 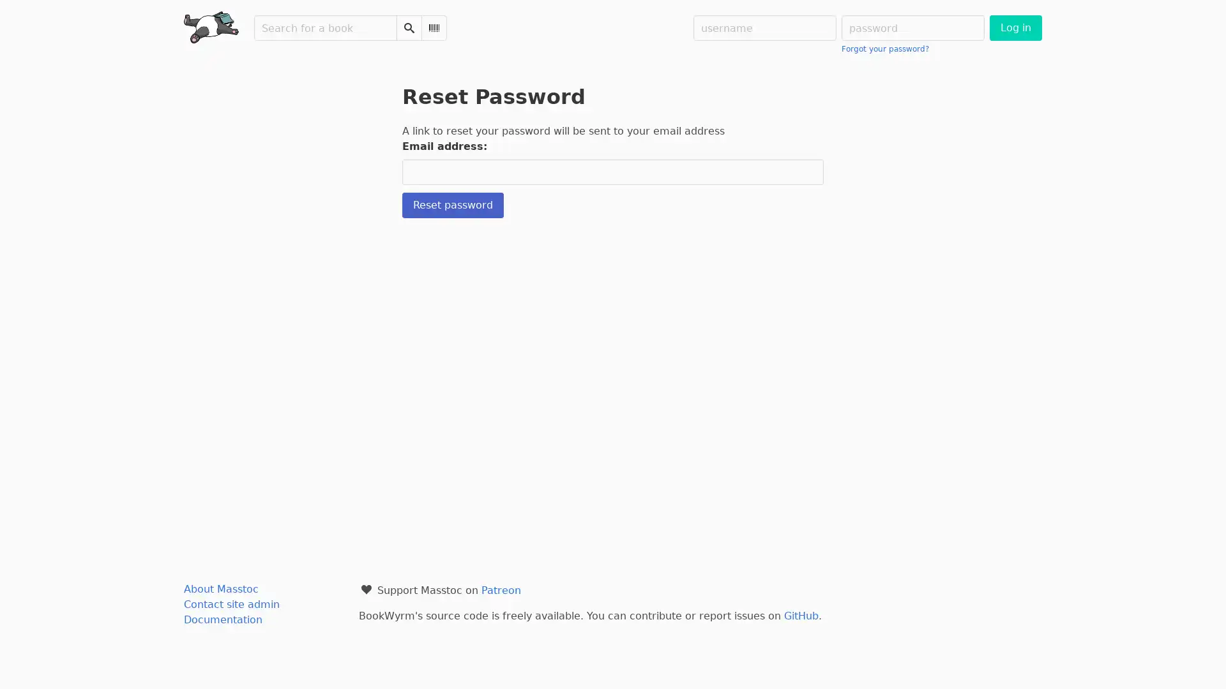 What do you see at coordinates (453, 204) in the screenshot?
I see `Reset password` at bounding box center [453, 204].